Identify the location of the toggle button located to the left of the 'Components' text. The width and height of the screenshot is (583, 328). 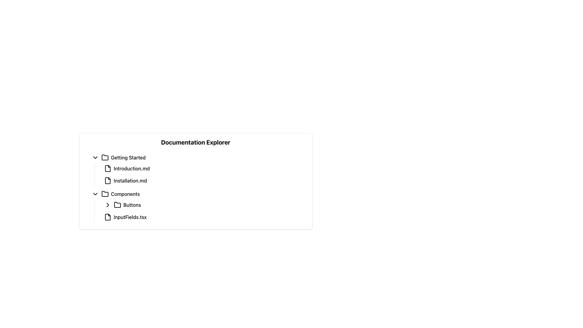
(95, 194).